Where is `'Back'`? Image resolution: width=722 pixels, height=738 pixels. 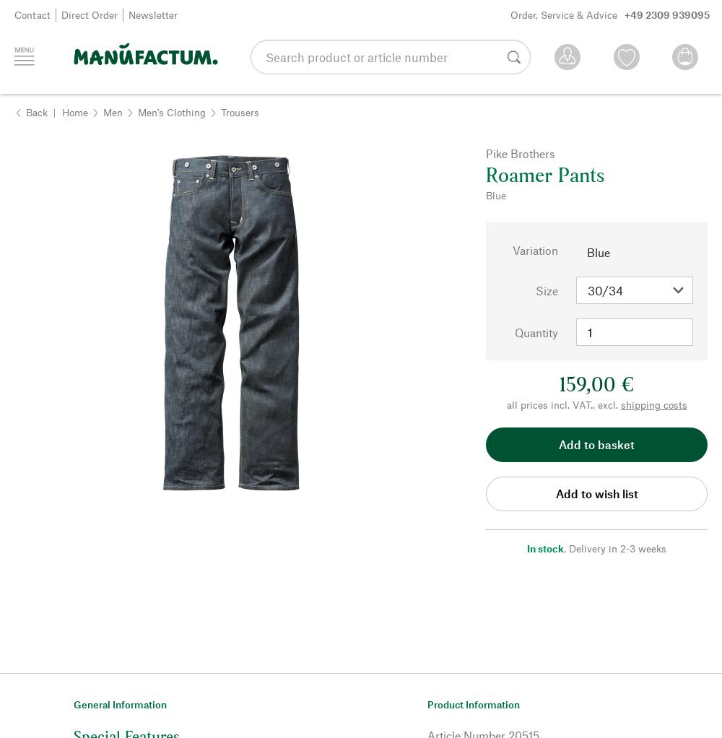
'Back' is located at coordinates (37, 110).